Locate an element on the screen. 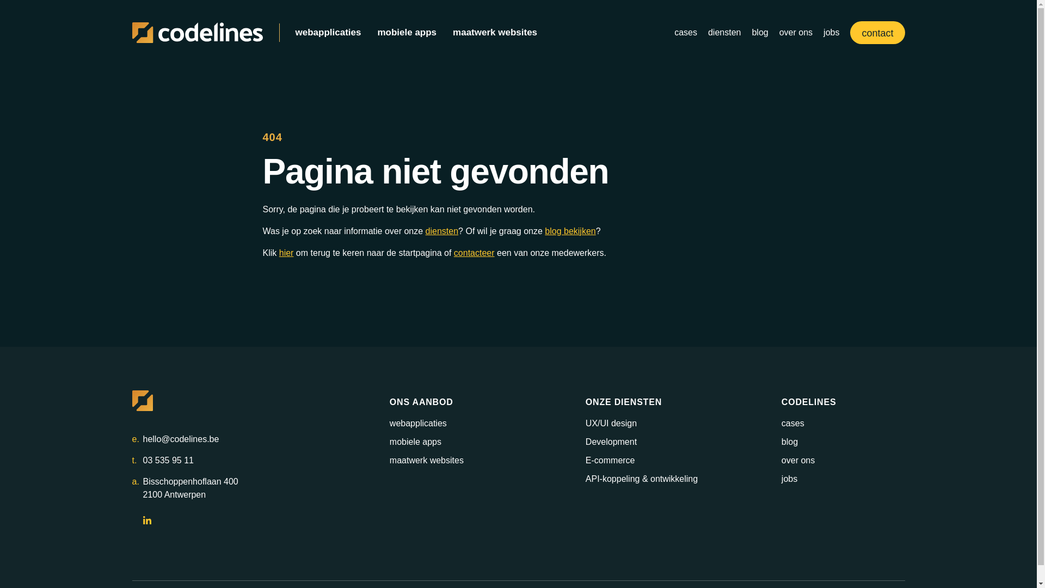  'cases' is located at coordinates (685, 32).